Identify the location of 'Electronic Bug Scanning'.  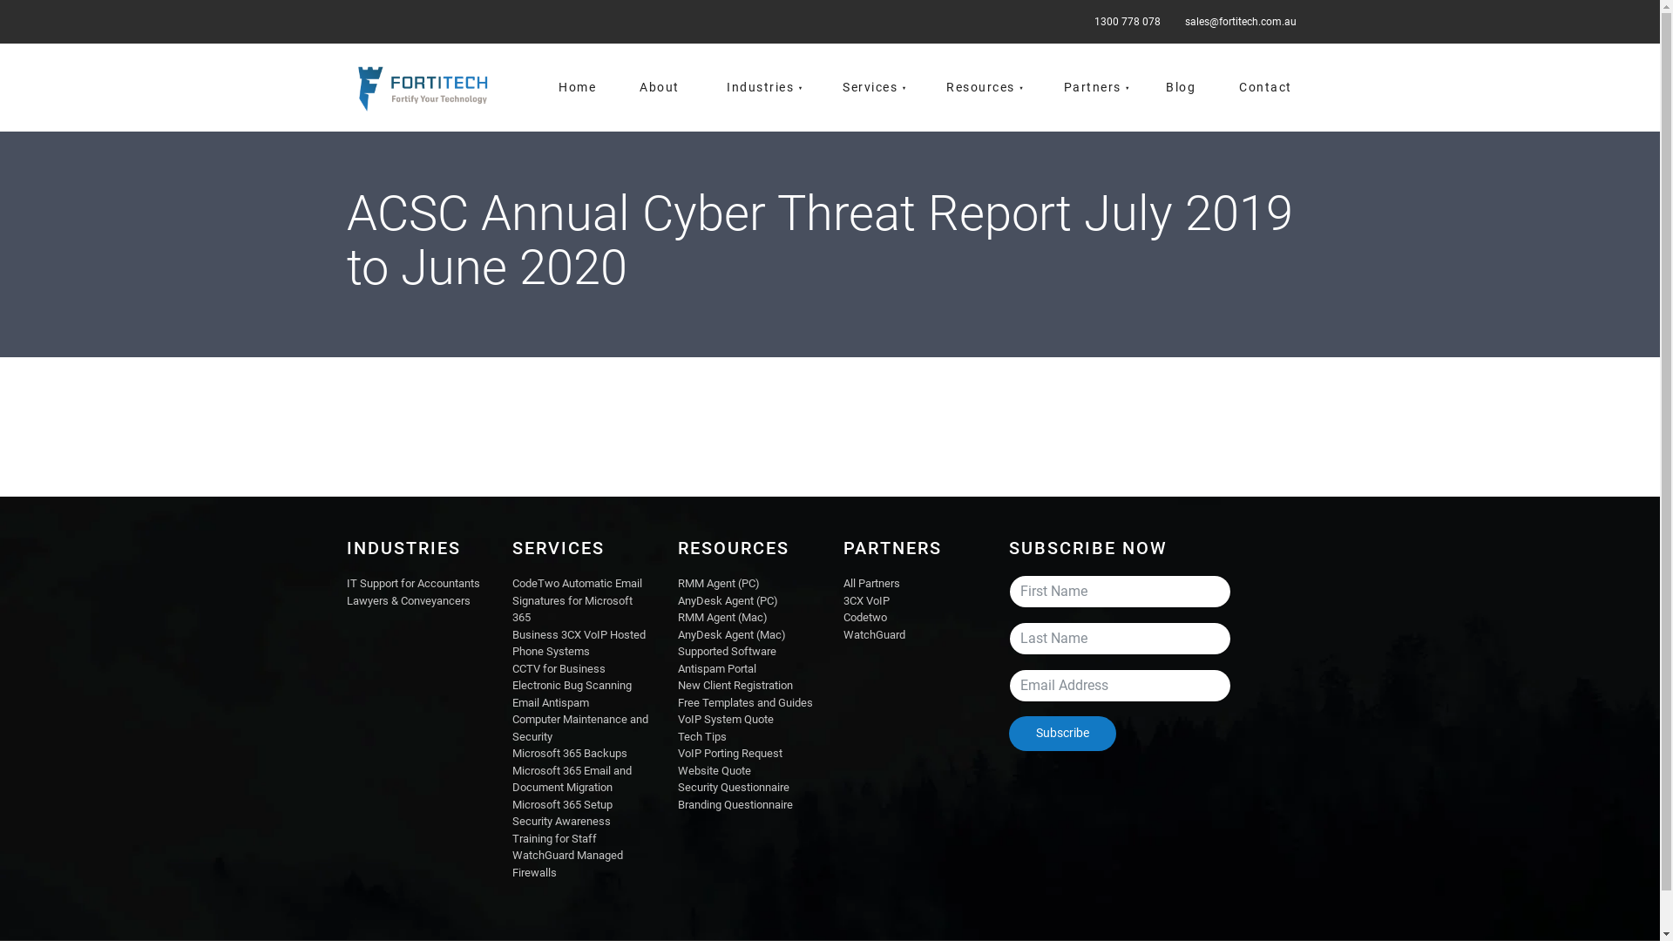
(511, 684).